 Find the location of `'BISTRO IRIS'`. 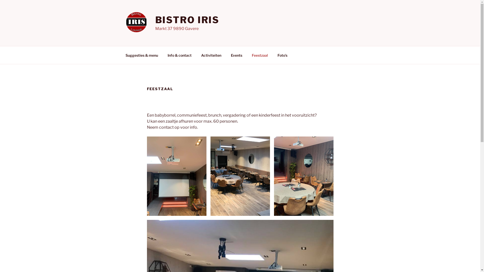

'BISTRO IRIS' is located at coordinates (187, 19).